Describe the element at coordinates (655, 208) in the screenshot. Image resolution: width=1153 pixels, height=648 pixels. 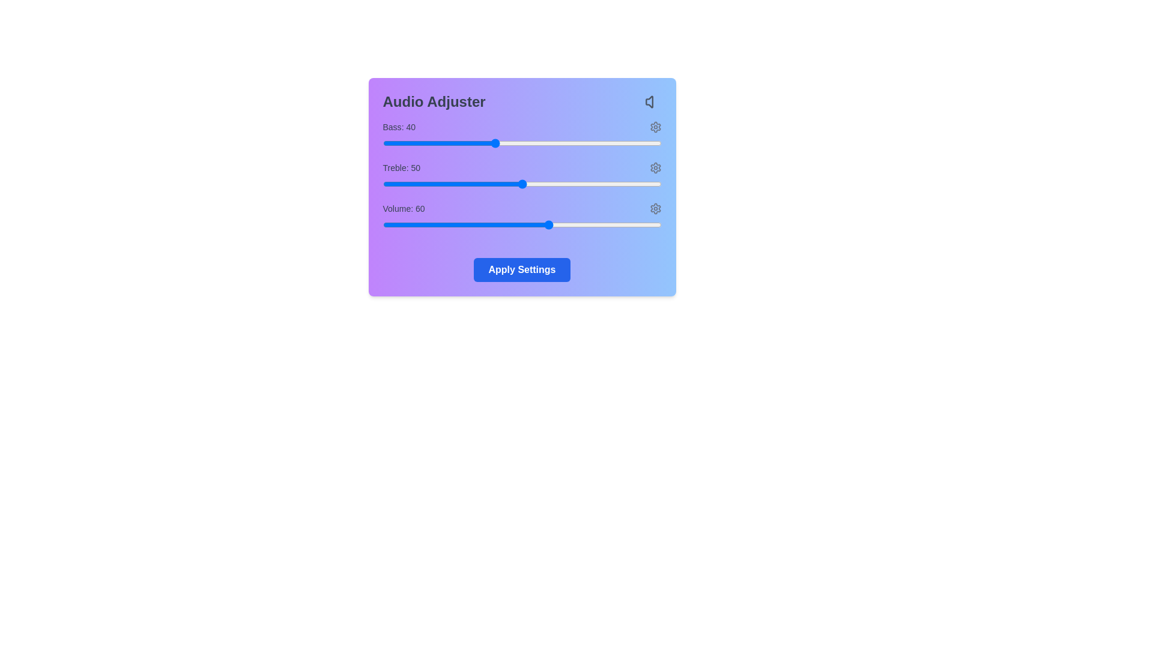
I see `the gear icon at the rightmost end of the Volume: 60 slider` at that location.